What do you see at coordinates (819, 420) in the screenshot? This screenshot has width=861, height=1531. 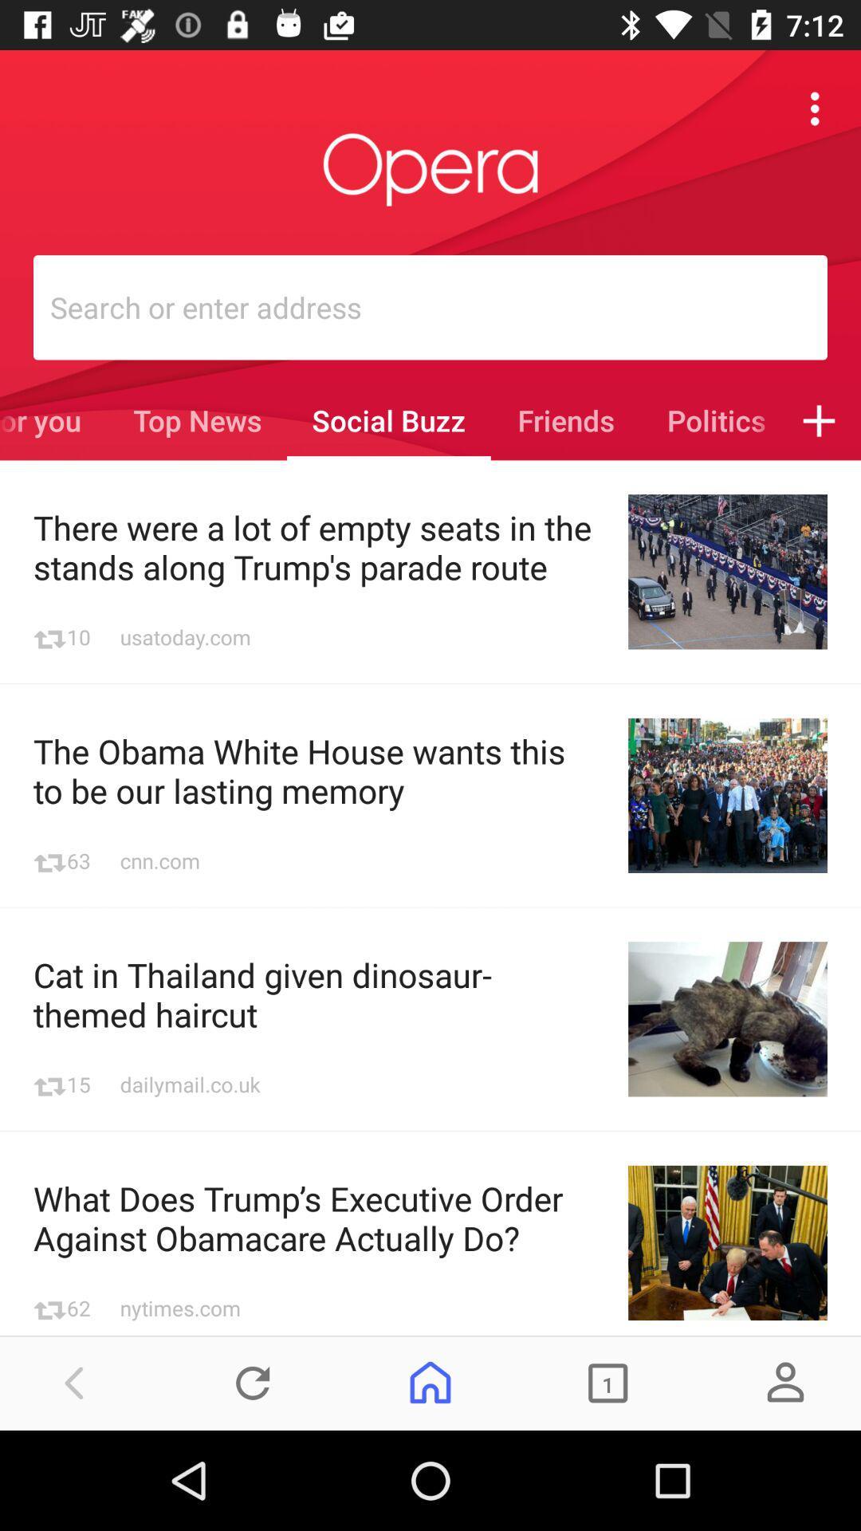 I see `icon next to politics icon` at bounding box center [819, 420].